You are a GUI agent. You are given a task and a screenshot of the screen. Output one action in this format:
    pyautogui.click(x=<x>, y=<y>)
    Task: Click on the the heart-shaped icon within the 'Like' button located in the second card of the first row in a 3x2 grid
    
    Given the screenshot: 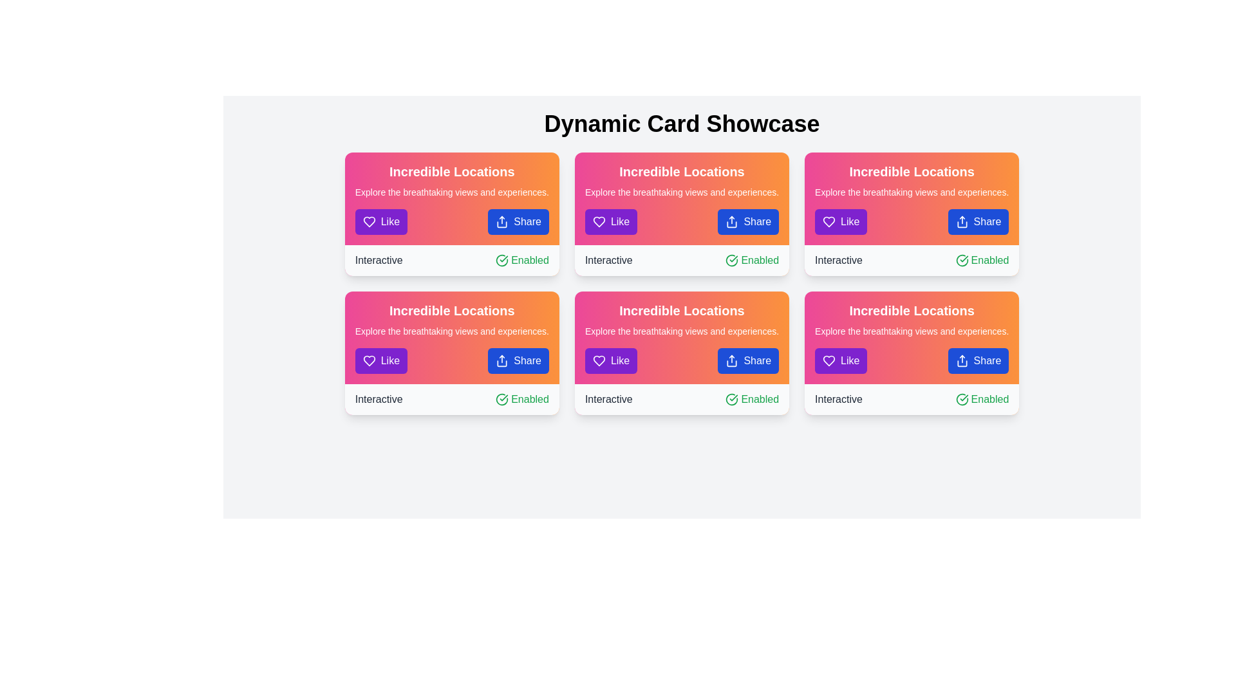 What is the action you would take?
    pyautogui.click(x=598, y=221)
    